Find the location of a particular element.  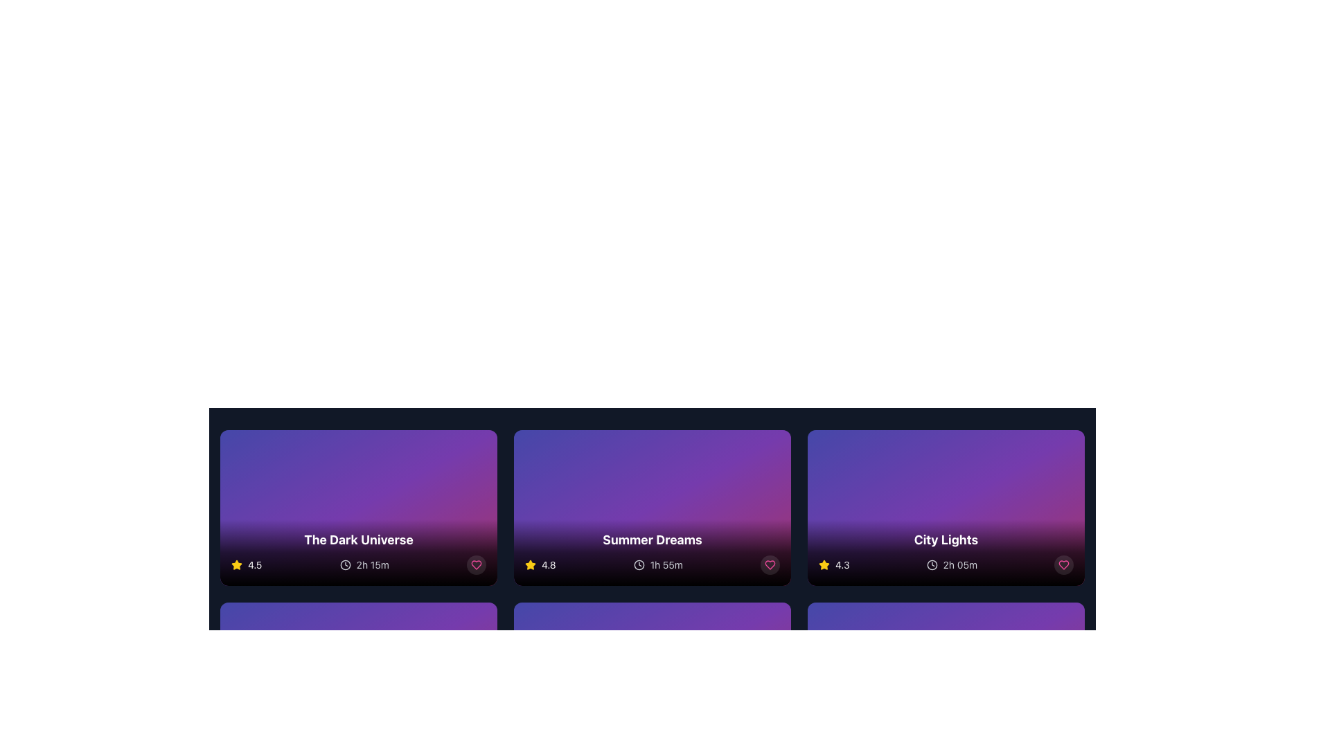

the static text label displaying the numeric text '4.8', which is styled in a small white bold font and associated with a yellow star icon, located in the second card beneath the title 'Summer Dreams' is located at coordinates (548, 565).